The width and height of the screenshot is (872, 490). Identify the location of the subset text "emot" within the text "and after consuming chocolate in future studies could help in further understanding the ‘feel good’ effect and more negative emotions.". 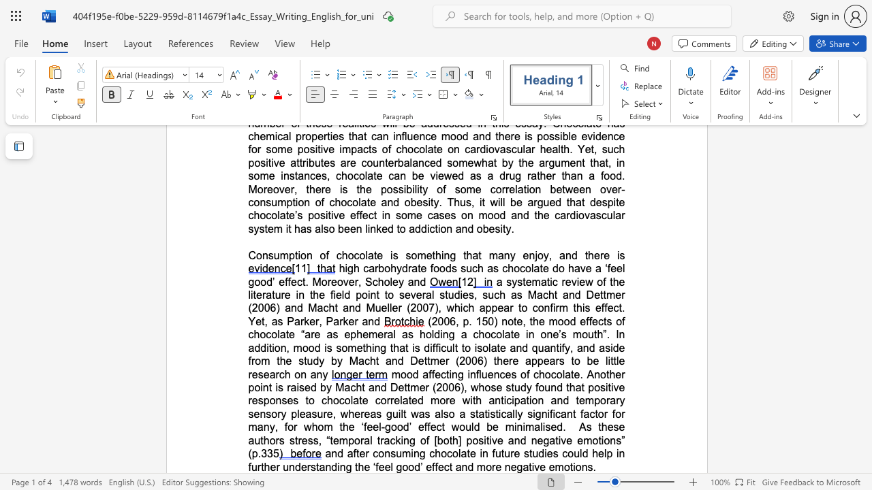
(548, 466).